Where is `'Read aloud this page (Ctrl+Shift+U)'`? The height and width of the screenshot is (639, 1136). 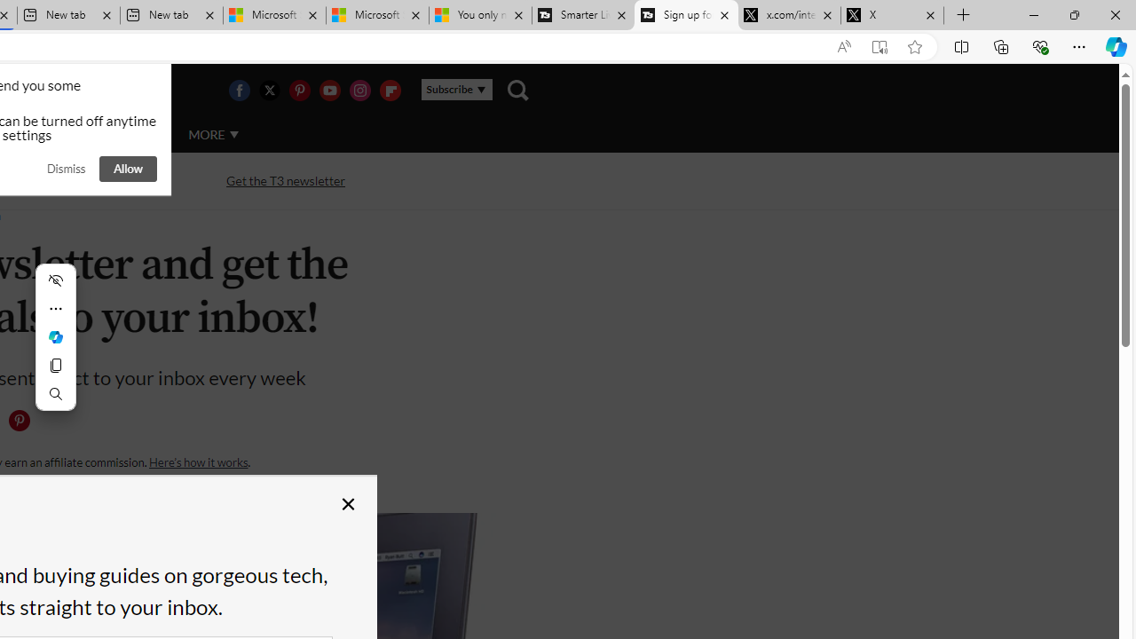 'Read aloud this page (Ctrl+Shift+U)' is located at coordinates (843, 46).